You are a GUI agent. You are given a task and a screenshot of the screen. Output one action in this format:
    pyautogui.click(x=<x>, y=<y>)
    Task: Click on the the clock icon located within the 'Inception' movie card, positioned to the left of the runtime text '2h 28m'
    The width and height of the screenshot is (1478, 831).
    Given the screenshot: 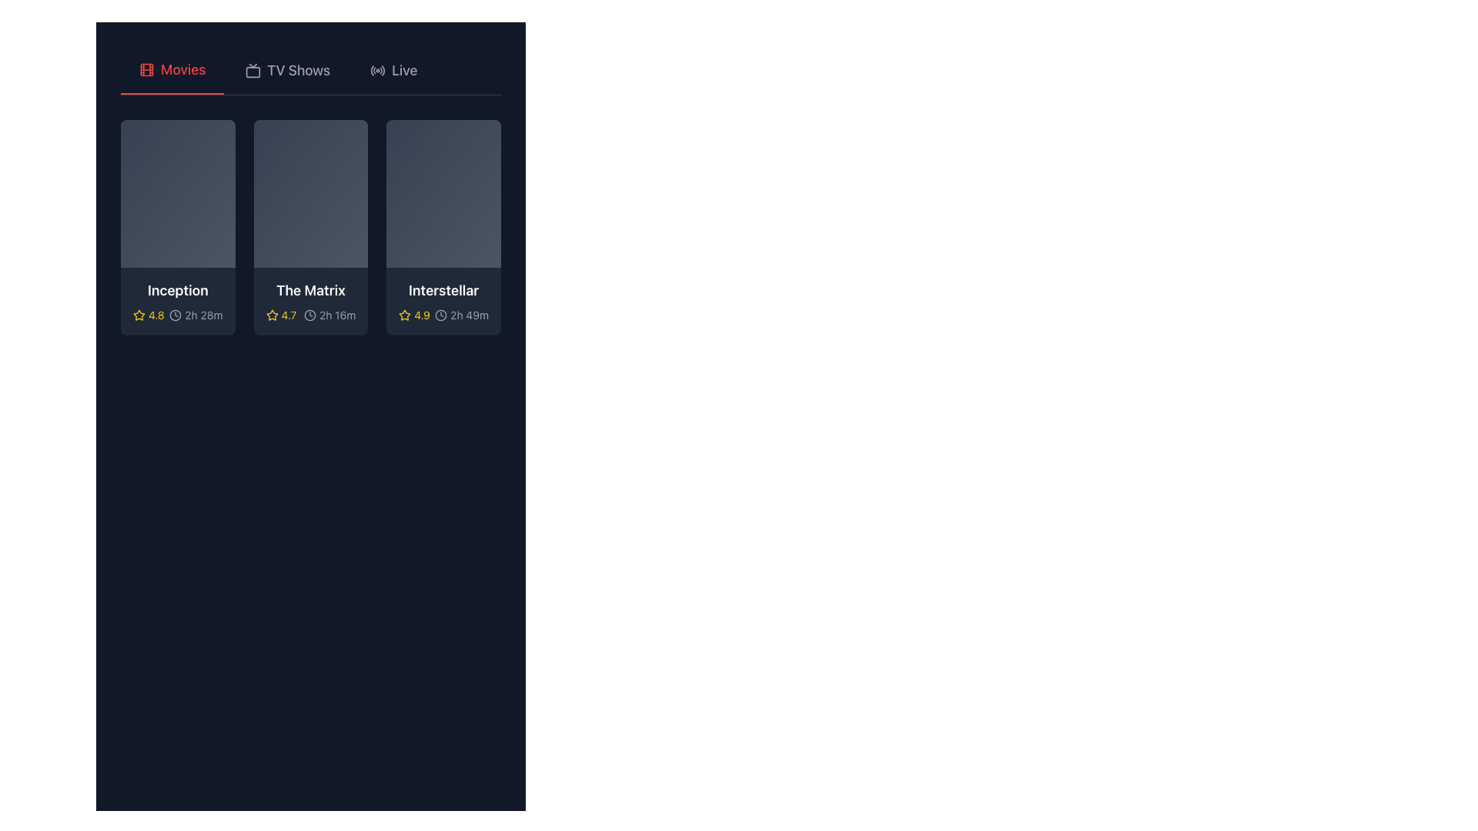 What is the action you would take?
    pyautogui.click(x=176, y=314)
    